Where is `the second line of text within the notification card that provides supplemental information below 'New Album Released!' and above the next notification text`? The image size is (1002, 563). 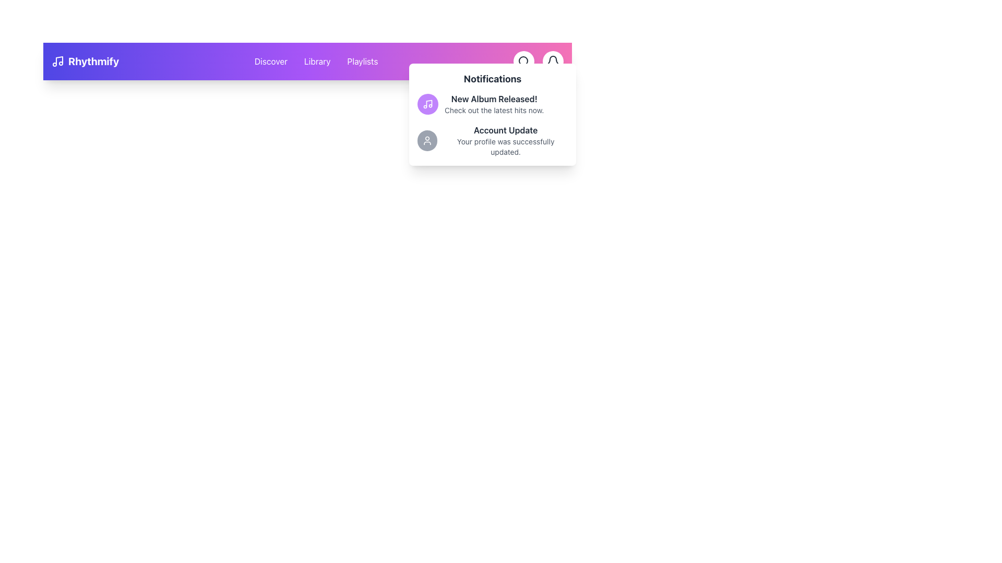
the second line of text within the notification card that provides supplemental information below 'New Album Released!' and above the next notification text is located at coordinates (494, 111).